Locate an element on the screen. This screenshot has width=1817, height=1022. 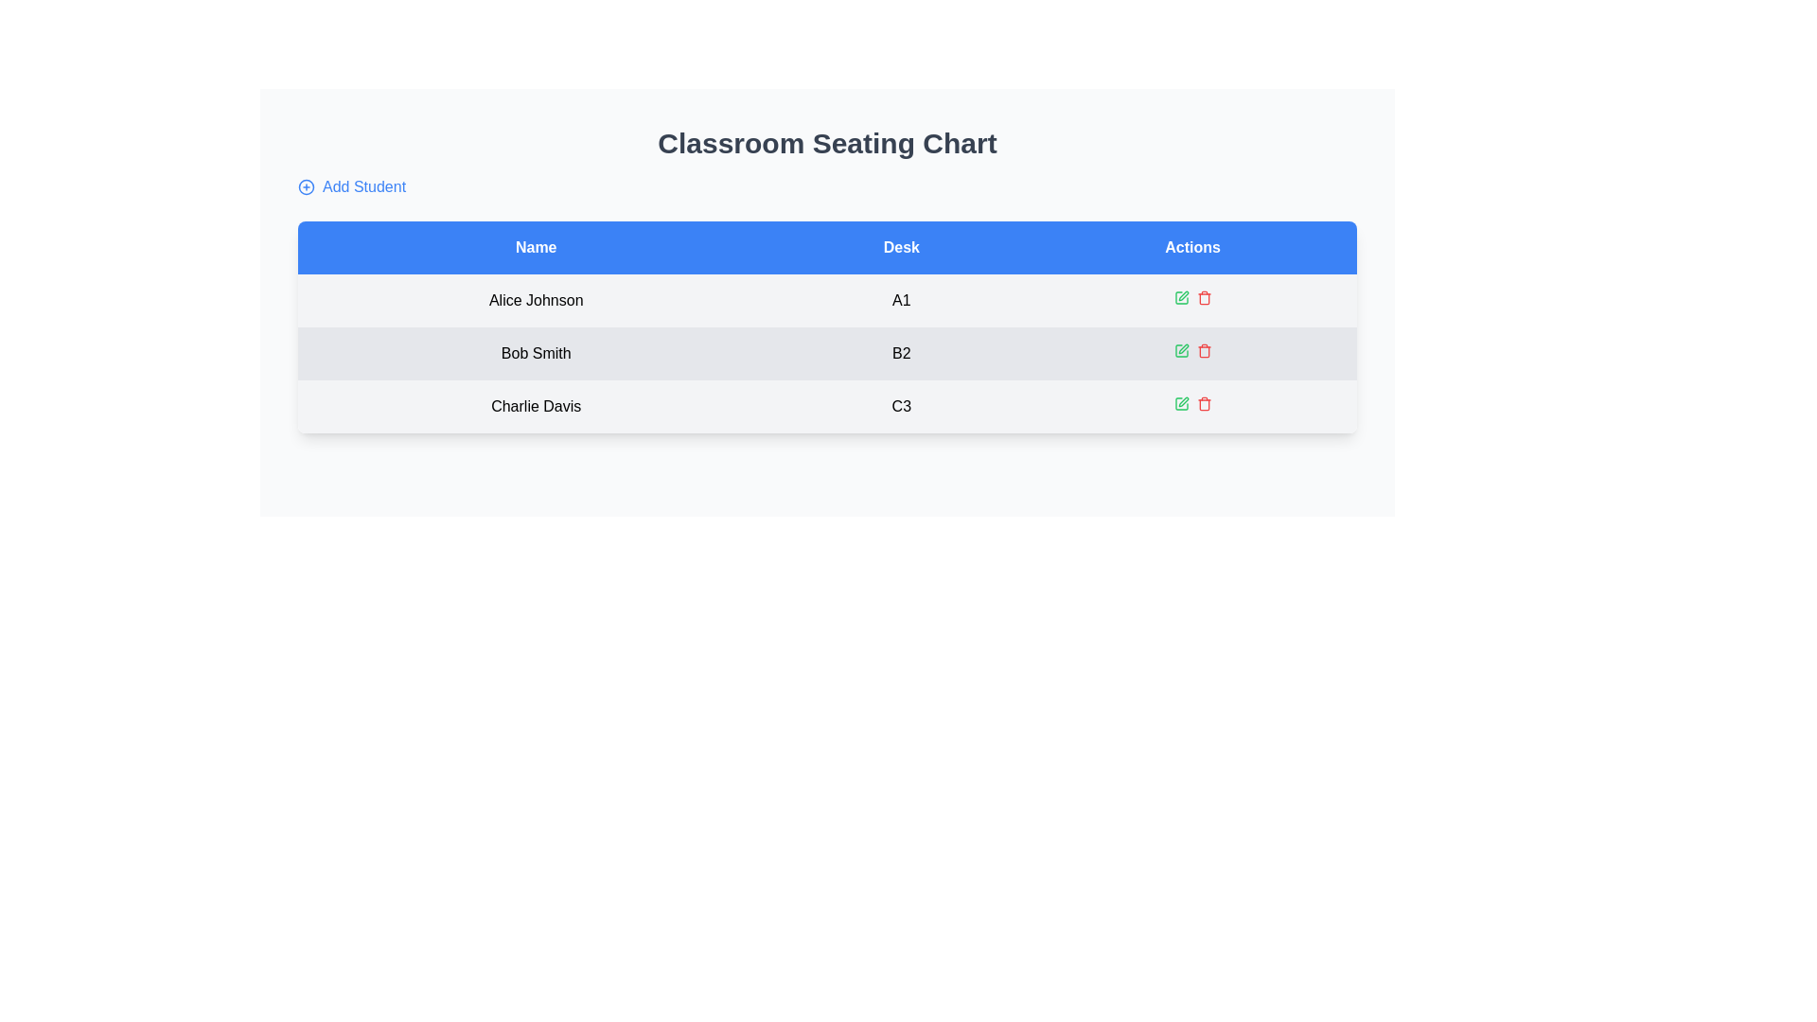
the static text label containing 'Bob Smith' in the second row of the 'Name' column, which is part of a gray background row in a tabular layout is located at coordinates (535, 354).